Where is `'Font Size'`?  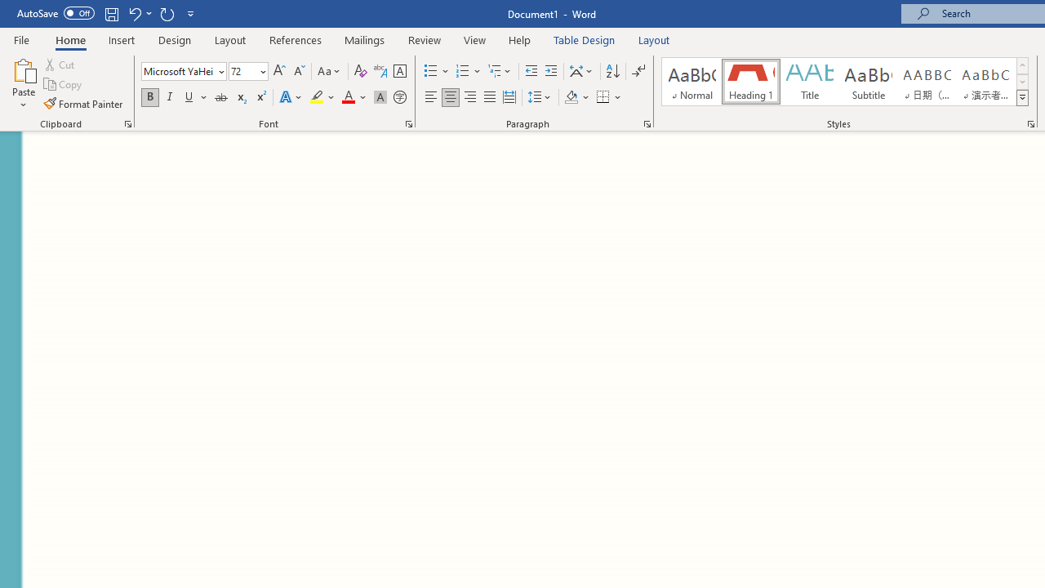
'Font Size' is located at coordinates (242, 70).